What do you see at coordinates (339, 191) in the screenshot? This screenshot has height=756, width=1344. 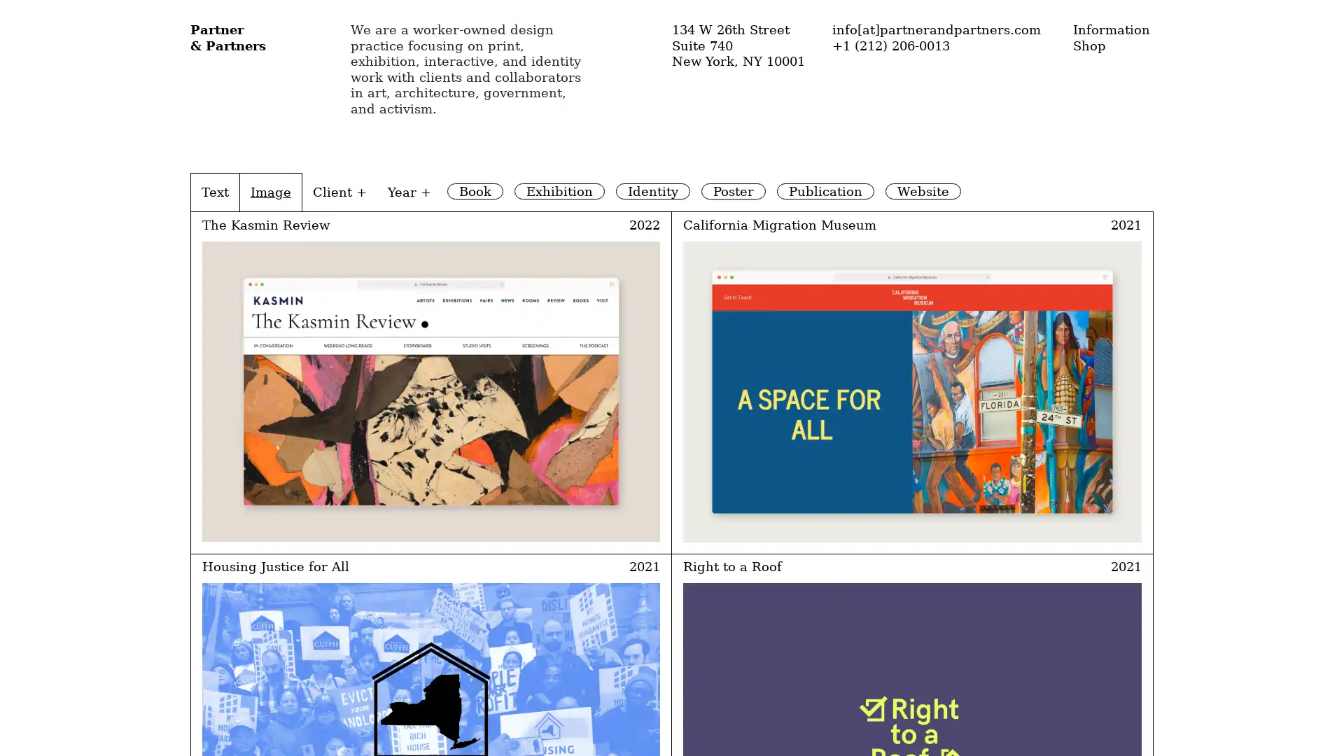 I see `Client +` at bounding box center [339, 191].